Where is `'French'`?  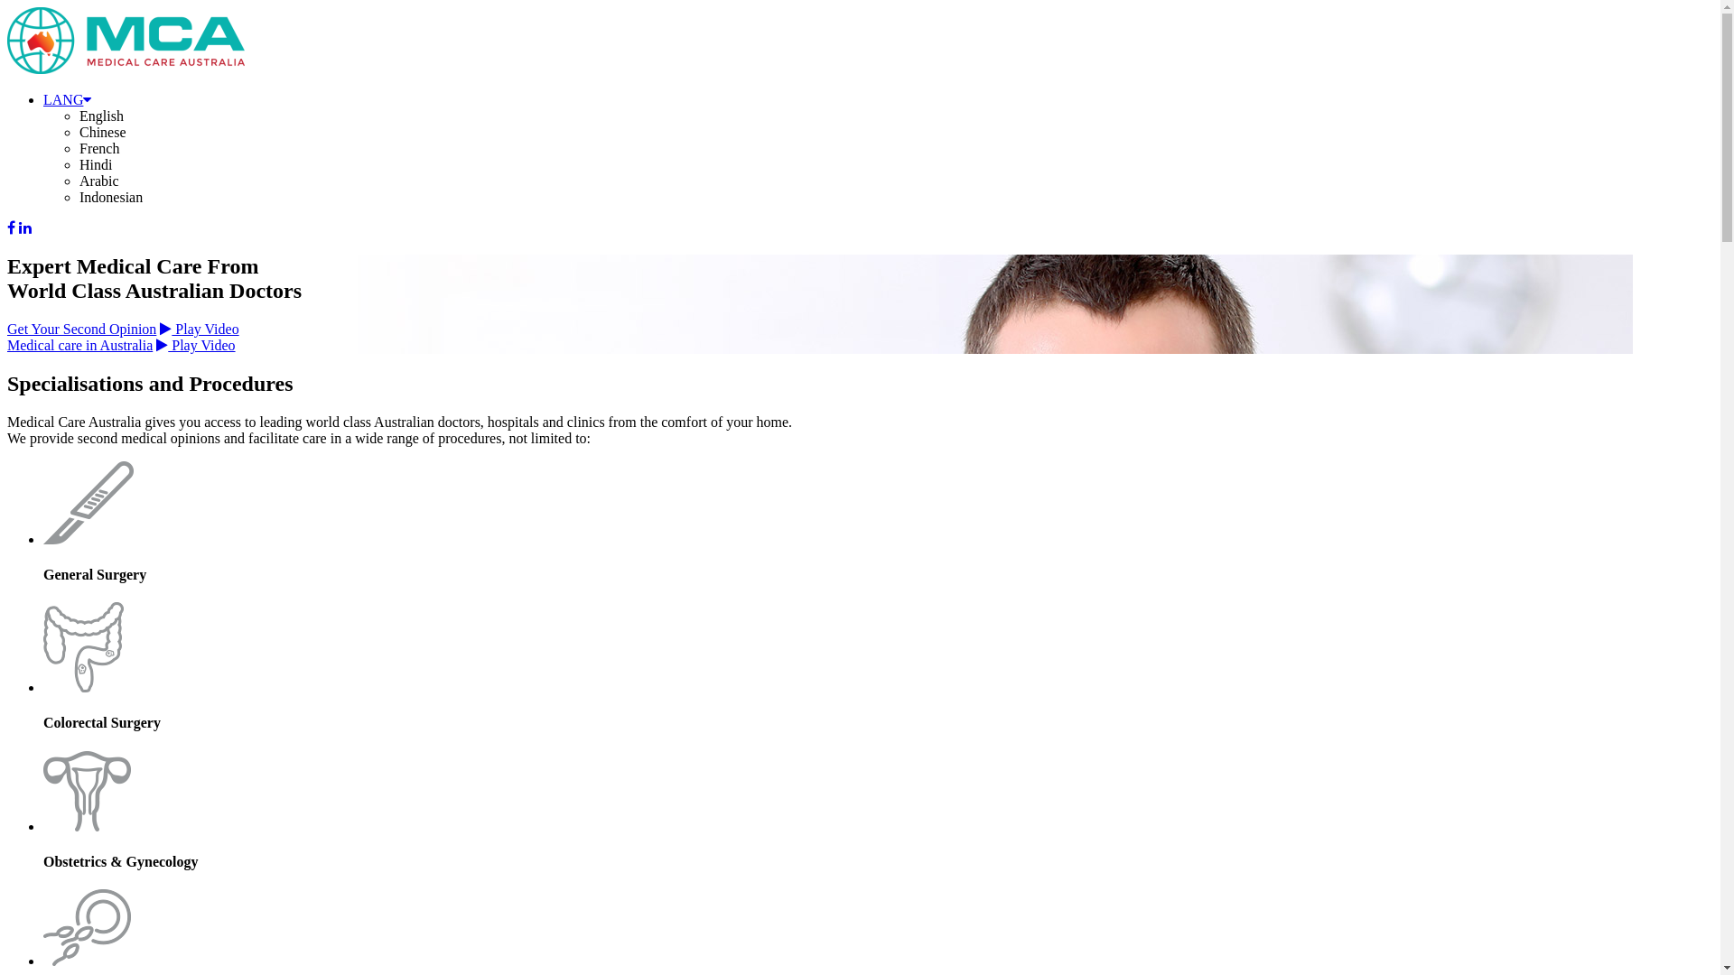
'French' is located at coordinates (98, 147).